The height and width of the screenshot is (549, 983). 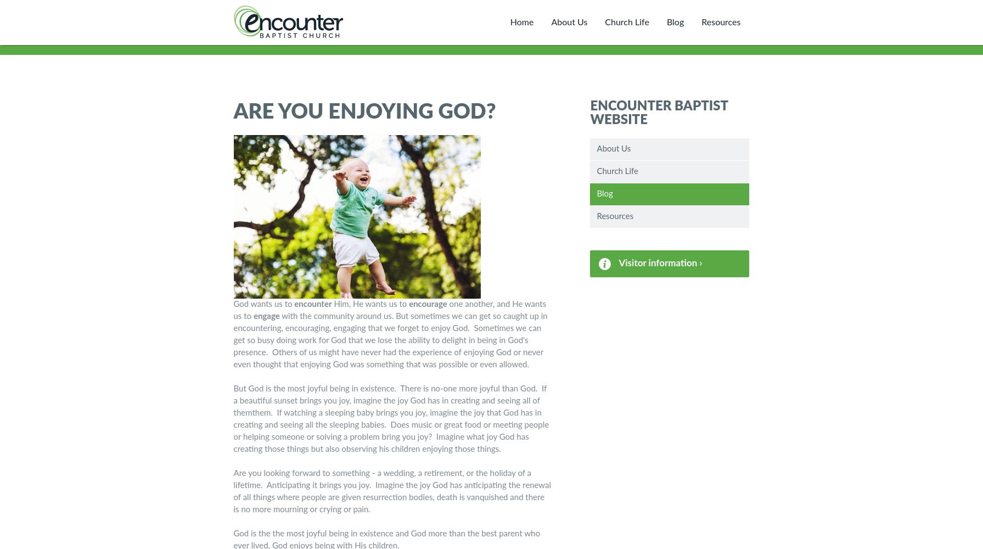 I want to click on 'Are you looking forward to something - a wedding, a retirement, or the holiday of a lifetime.  Anticipating it brings you joy.  Imagine the joy God has anticipating the renewal of all things where people are given resurrection bodies, death is vanquished and there is no more mourning or crying or pain.', so click(x=392, y=491).